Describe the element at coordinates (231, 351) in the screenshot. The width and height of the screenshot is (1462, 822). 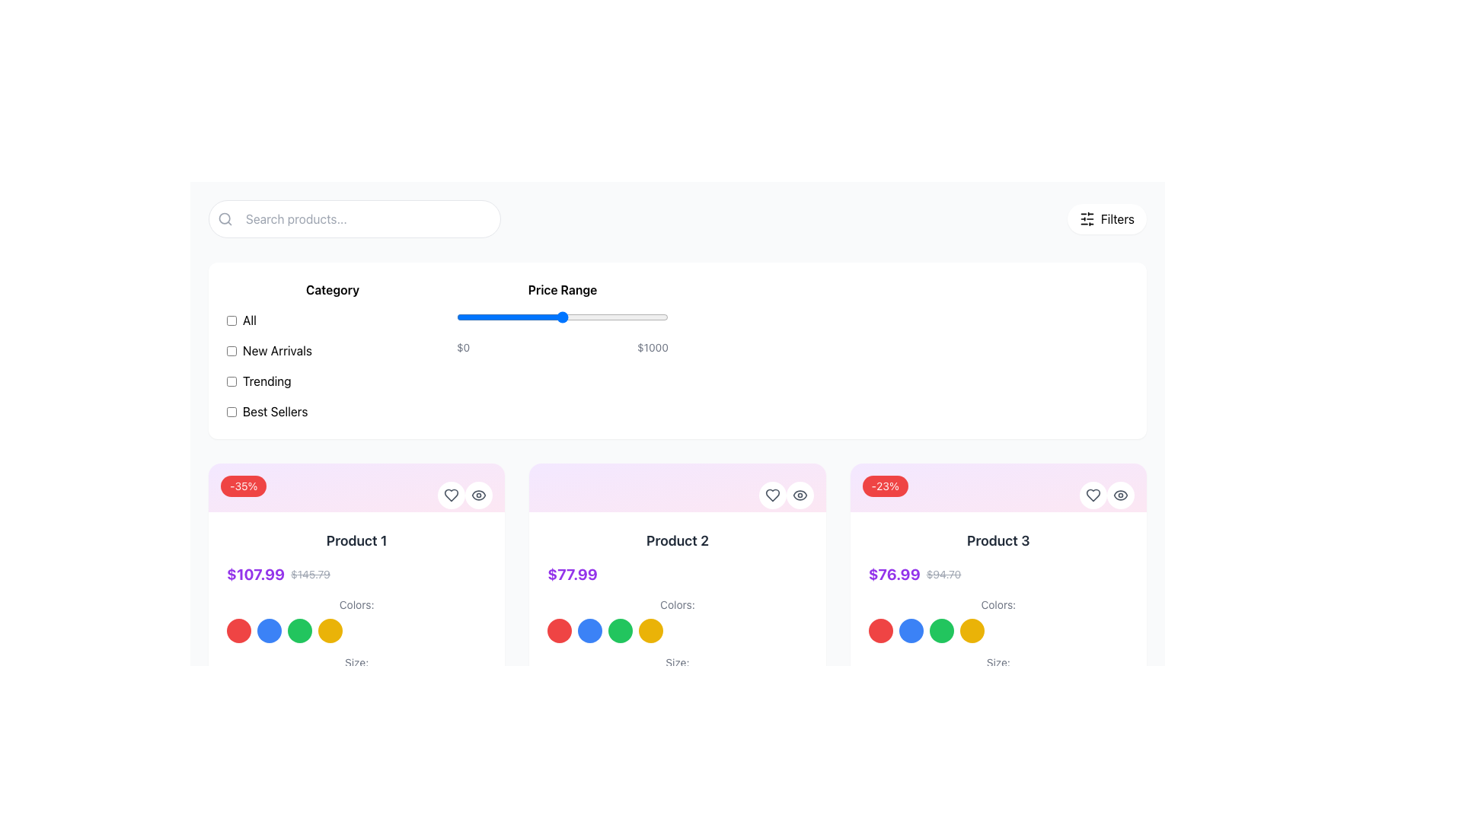
I see `the 'New Arrivals' checkbox` at that location.